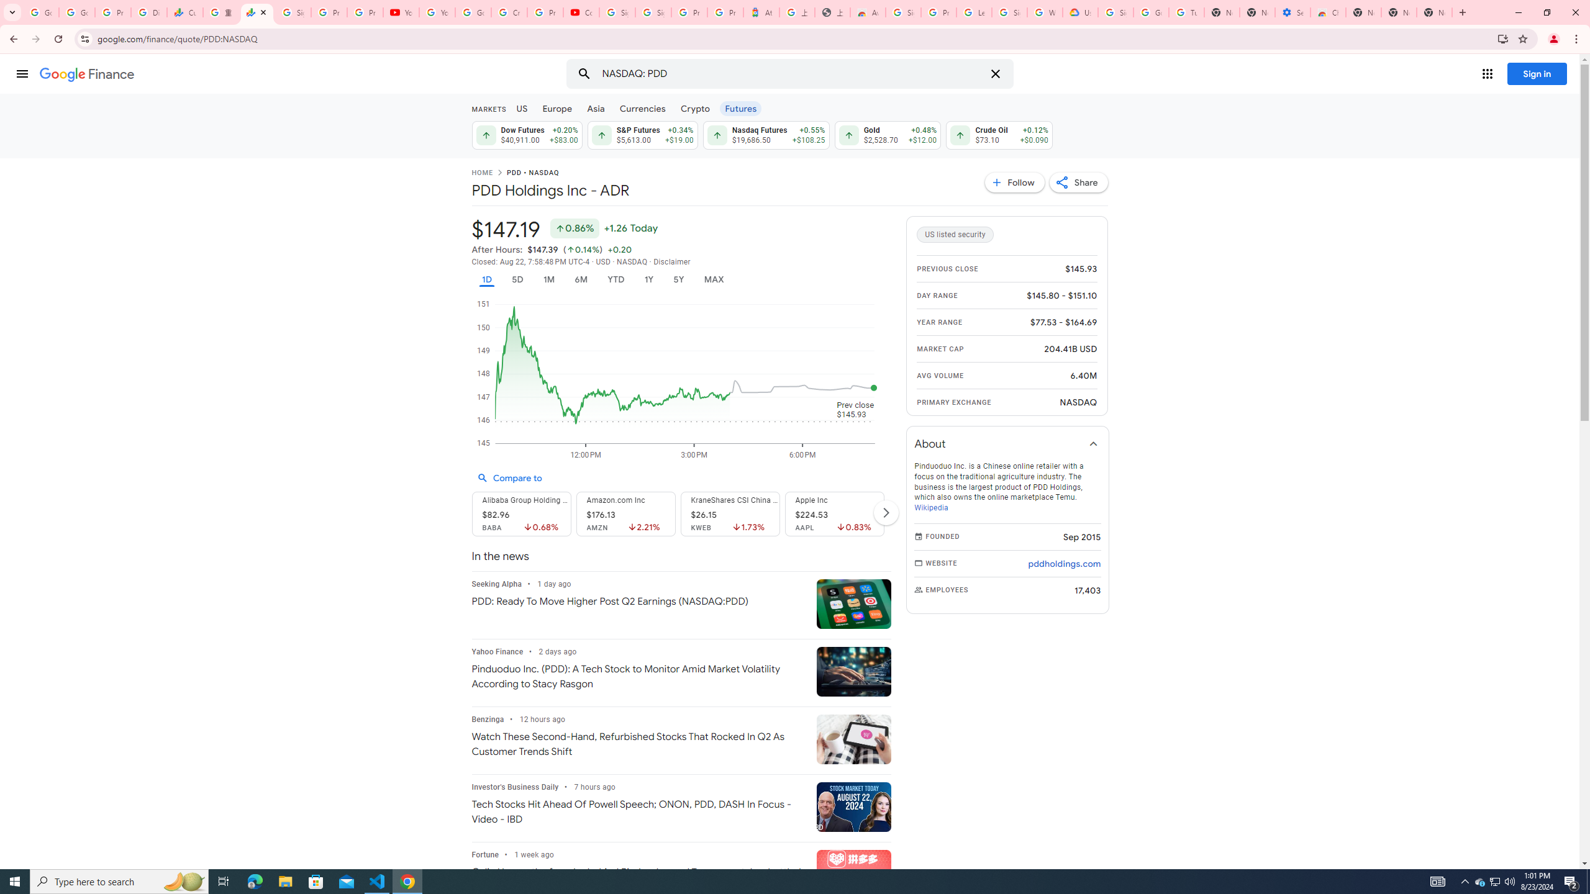  Describe the element at coordinates (548, 279) in the screenshot. I see `'1M'` at that location.